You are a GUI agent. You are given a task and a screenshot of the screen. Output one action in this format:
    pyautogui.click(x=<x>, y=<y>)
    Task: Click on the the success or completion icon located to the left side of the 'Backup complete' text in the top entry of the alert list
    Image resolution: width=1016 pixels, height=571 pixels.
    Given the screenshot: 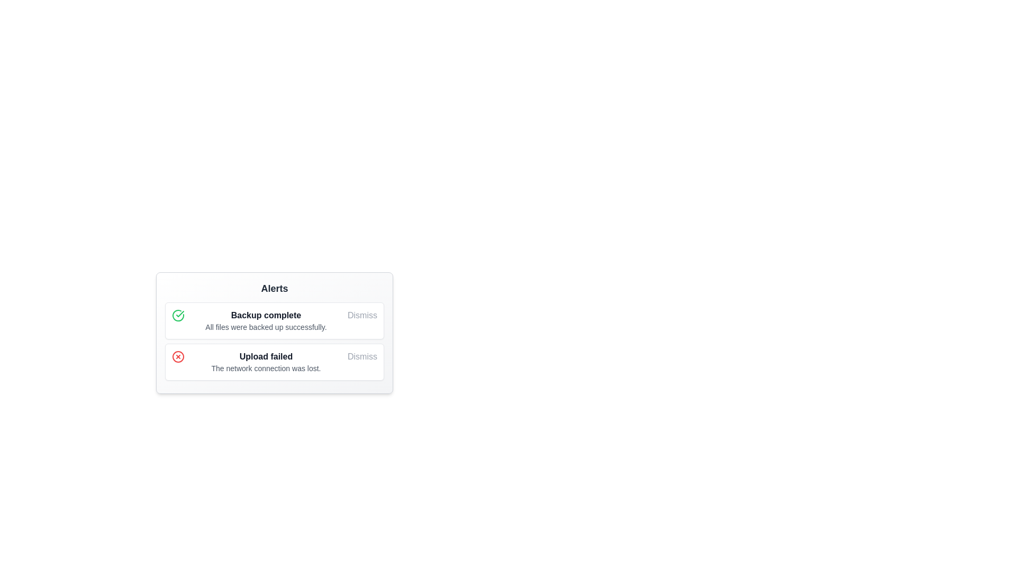 What is the action you would take?
    pyautogui.click(x=178, y=315)
    